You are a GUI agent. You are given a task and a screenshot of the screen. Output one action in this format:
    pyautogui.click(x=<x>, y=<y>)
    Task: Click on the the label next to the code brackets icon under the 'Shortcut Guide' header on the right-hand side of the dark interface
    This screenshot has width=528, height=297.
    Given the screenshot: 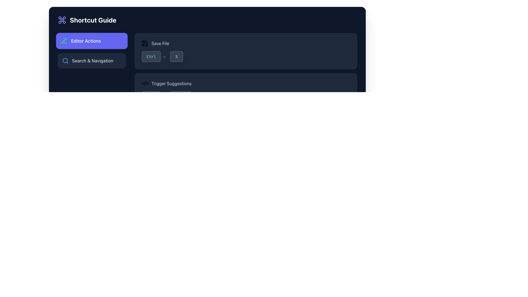 What is the action you would take?
    pyautogui.click(x=166, y=84)
    